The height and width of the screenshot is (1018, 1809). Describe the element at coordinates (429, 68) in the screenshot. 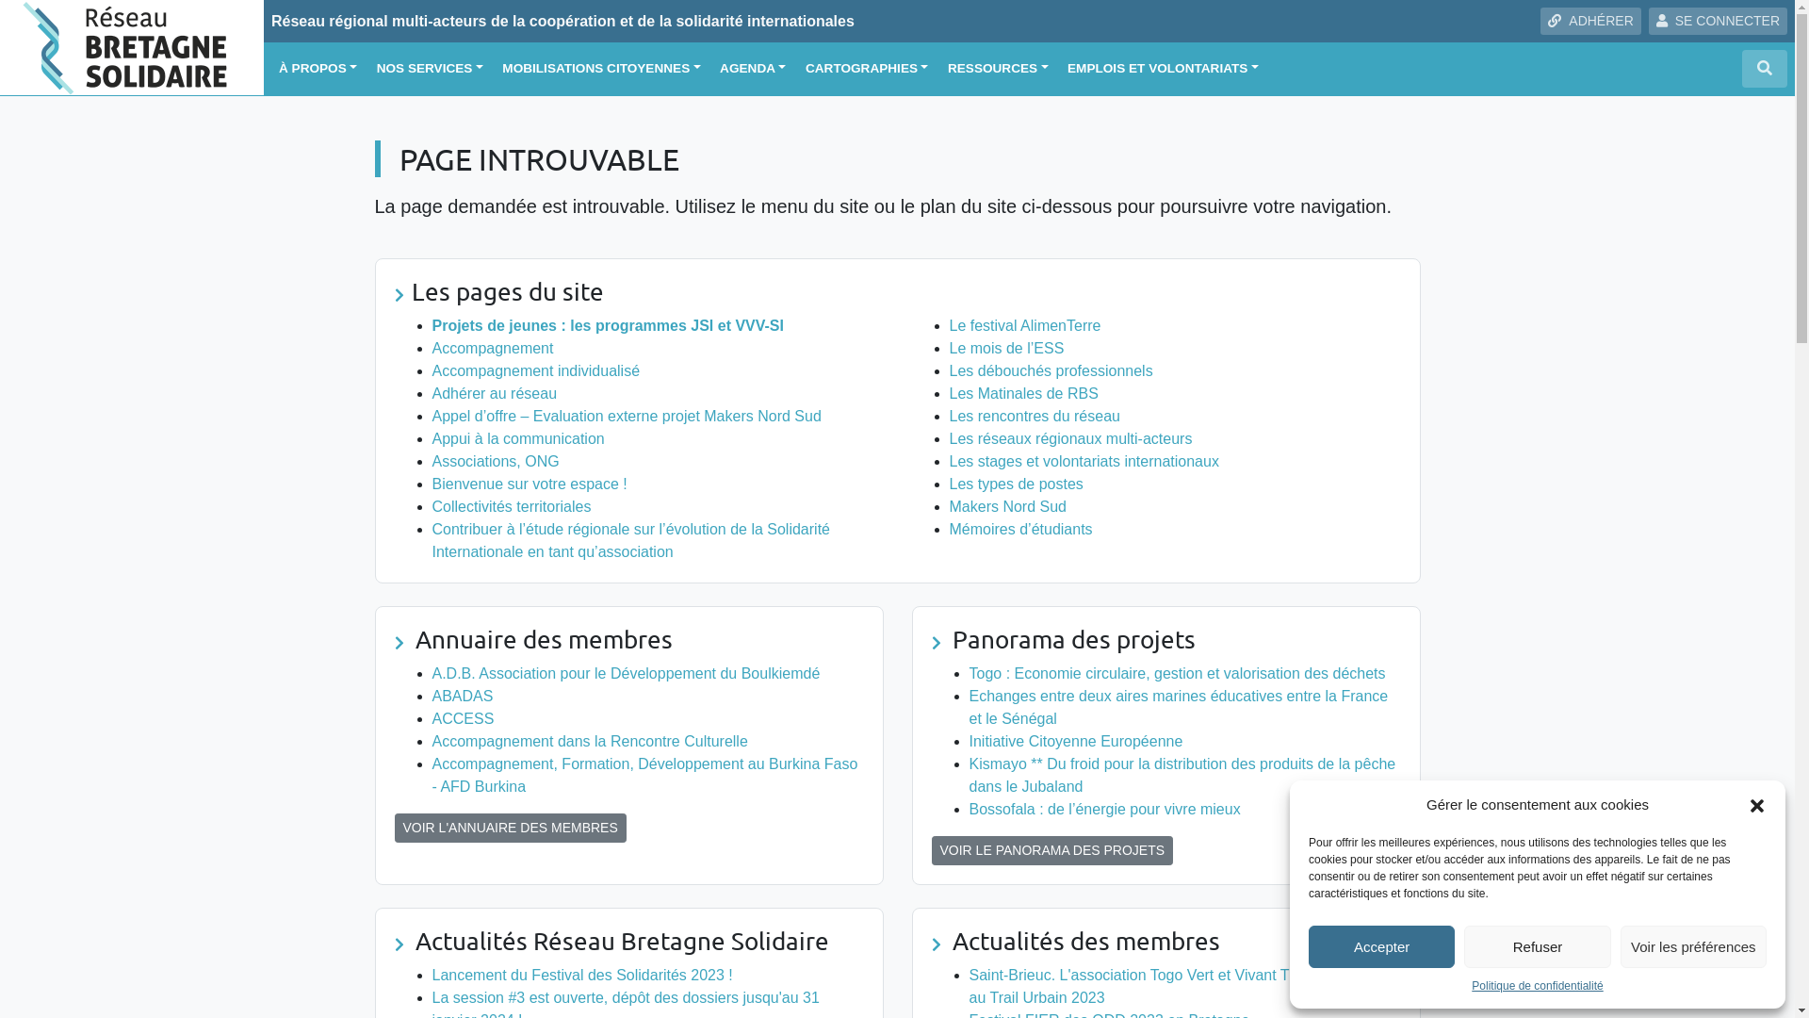

I see `'NOS SERVICES'` at that location.